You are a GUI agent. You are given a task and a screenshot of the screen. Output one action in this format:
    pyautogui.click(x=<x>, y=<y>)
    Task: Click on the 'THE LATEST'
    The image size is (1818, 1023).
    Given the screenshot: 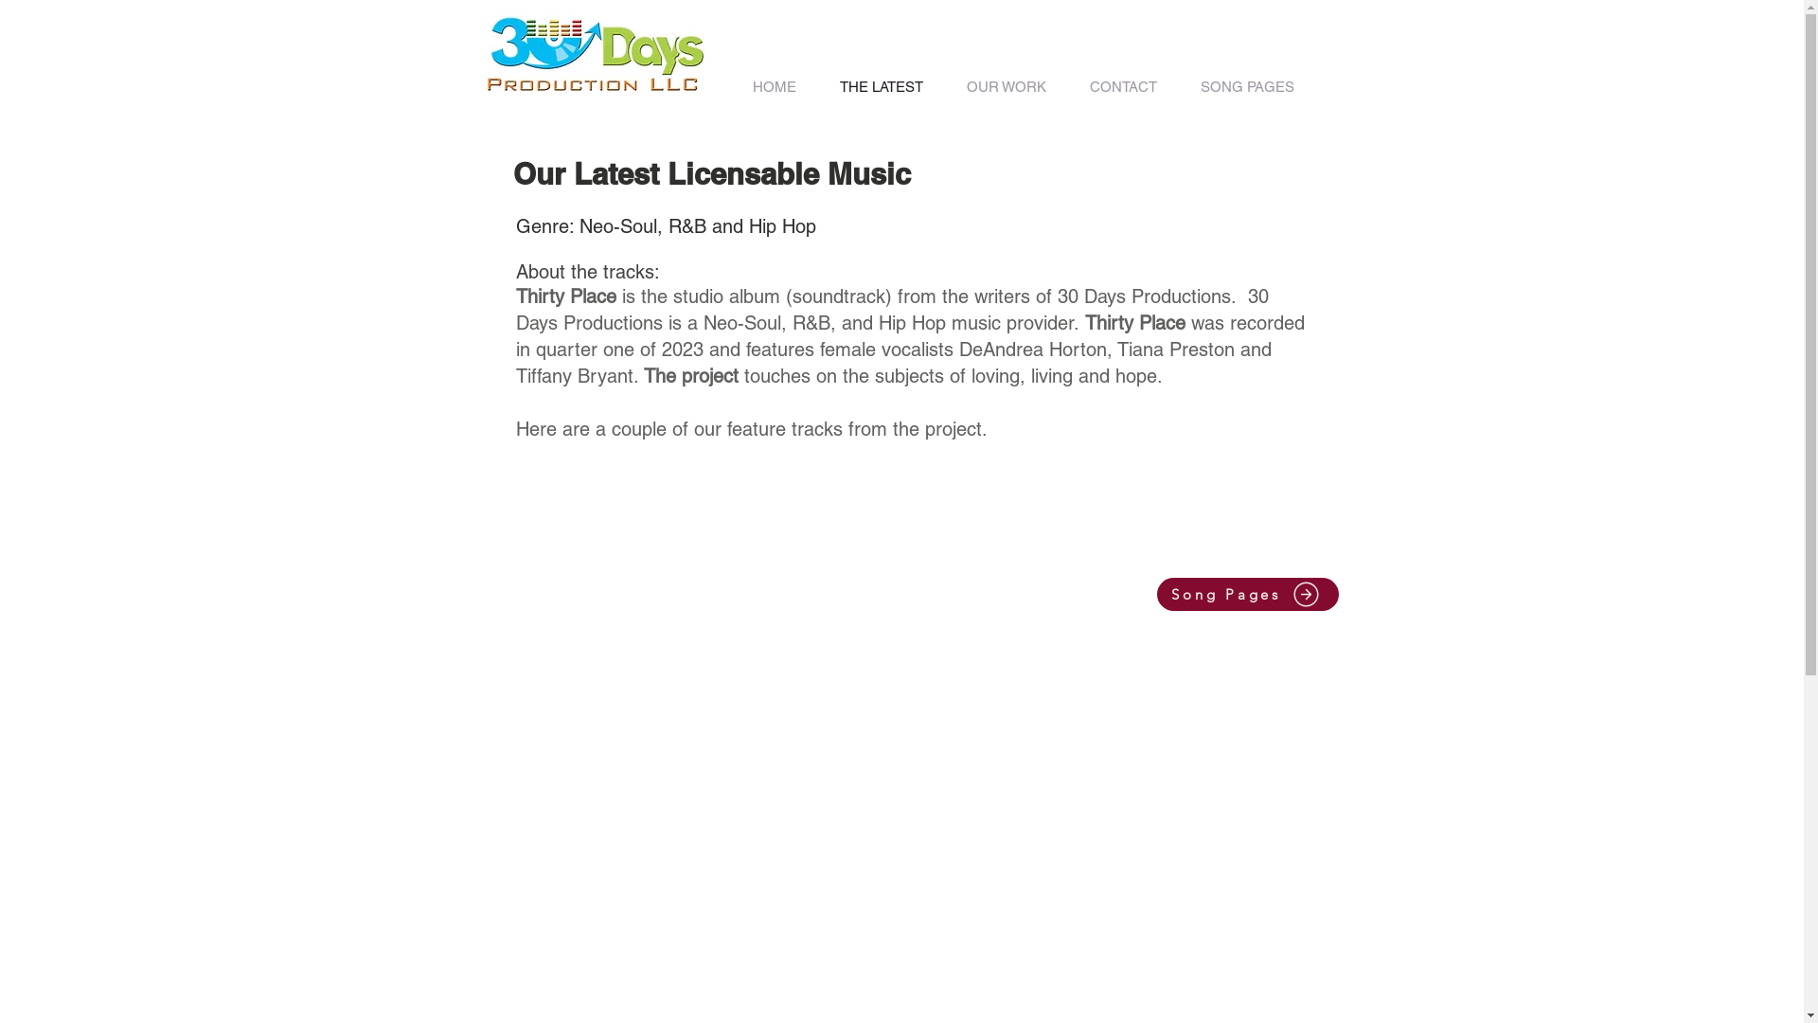 What is the action you would take?
    pyautogui.click(x=881, y=86)
    